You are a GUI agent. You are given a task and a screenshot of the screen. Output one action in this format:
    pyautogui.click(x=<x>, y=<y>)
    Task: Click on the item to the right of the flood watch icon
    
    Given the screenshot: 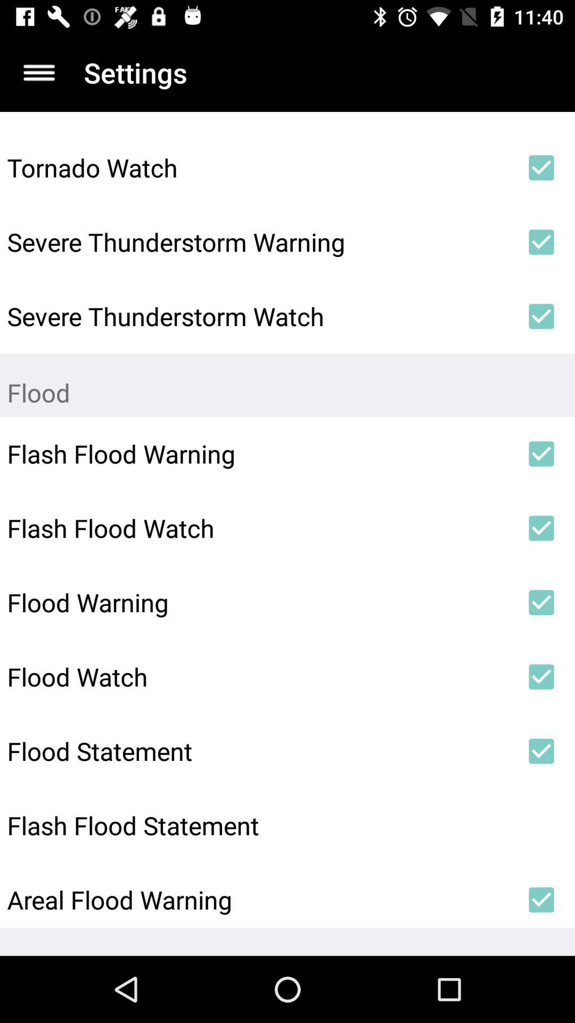 What is the action you would take?
    pyautogui.click(x=541, y=676)
    